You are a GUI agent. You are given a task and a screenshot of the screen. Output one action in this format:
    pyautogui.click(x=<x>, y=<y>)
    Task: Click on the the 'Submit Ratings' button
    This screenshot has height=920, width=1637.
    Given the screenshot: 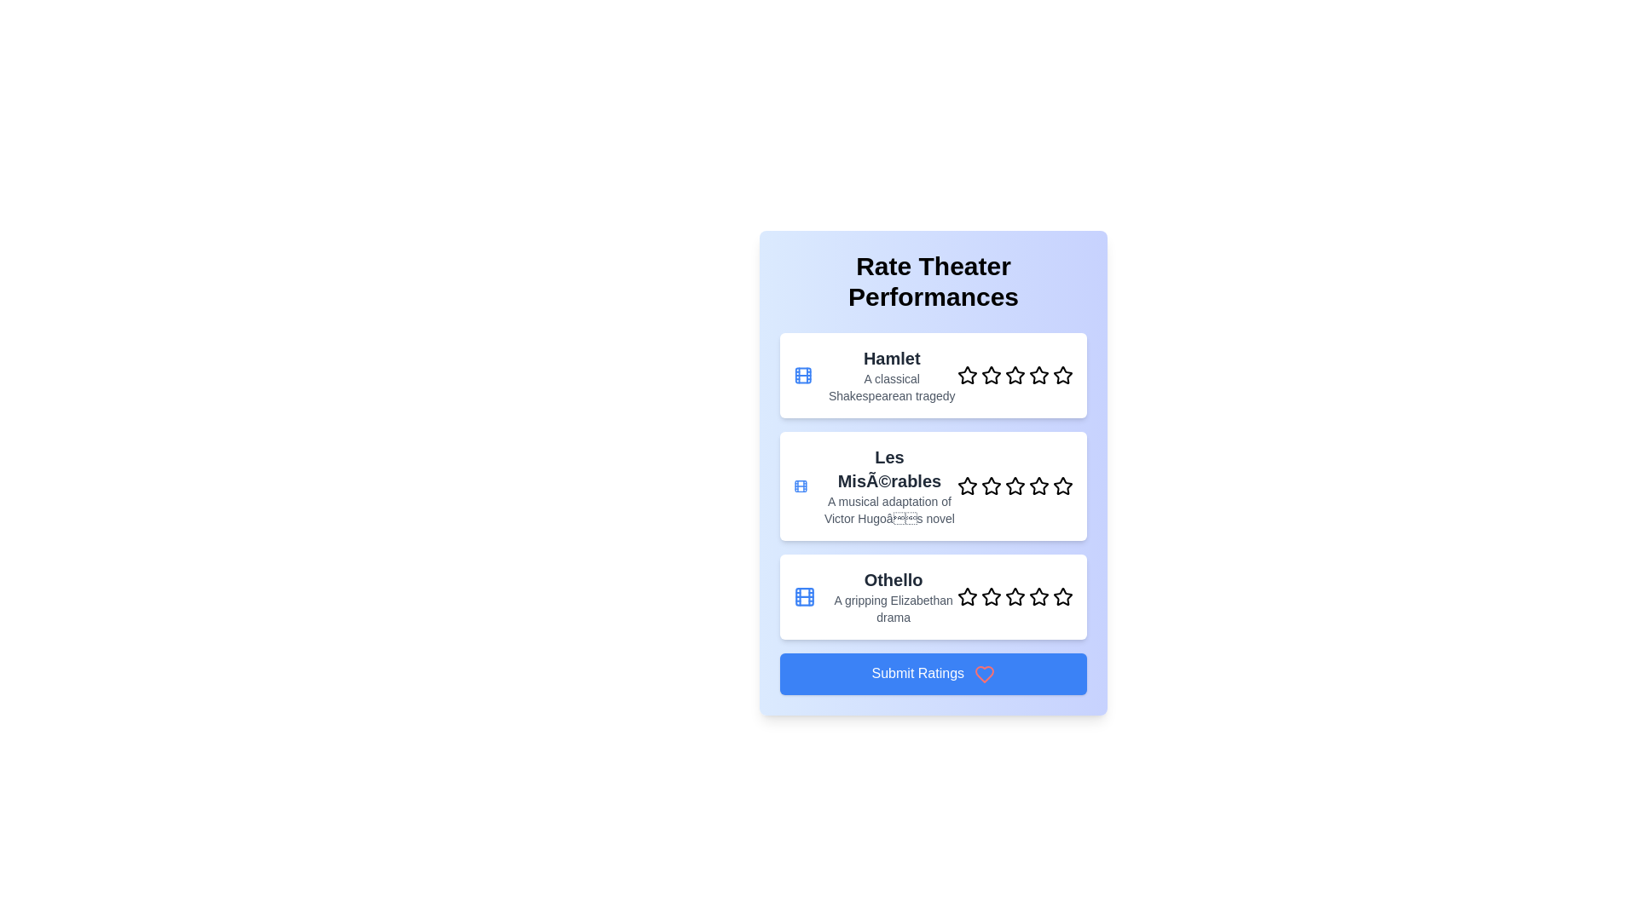 What is the action you would take?
    pyautogui.click(x=932, y=672)
    